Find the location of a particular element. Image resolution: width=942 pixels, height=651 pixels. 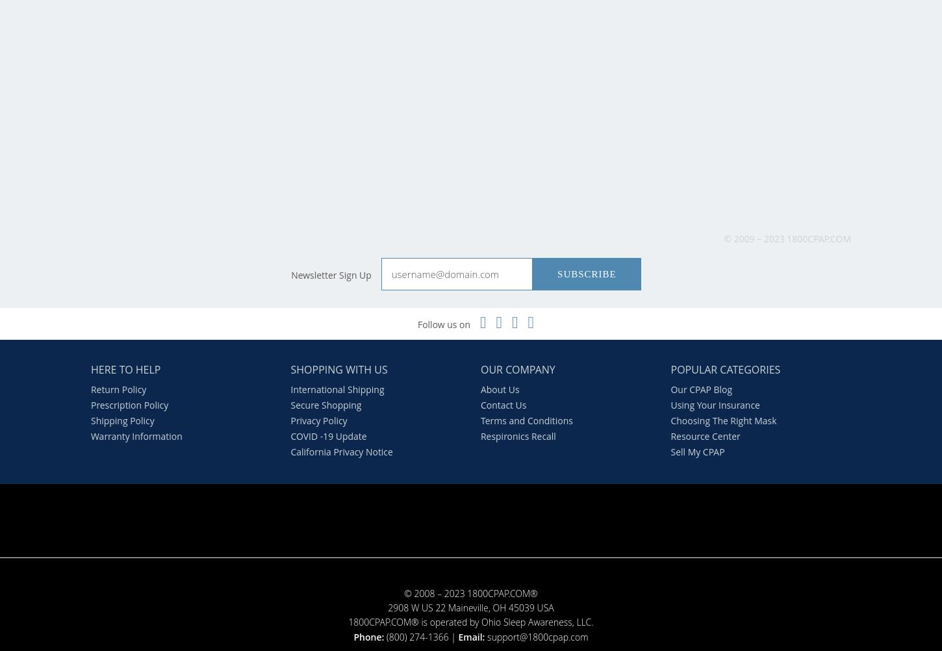

'Email:' is located at coordinates (471, 635).